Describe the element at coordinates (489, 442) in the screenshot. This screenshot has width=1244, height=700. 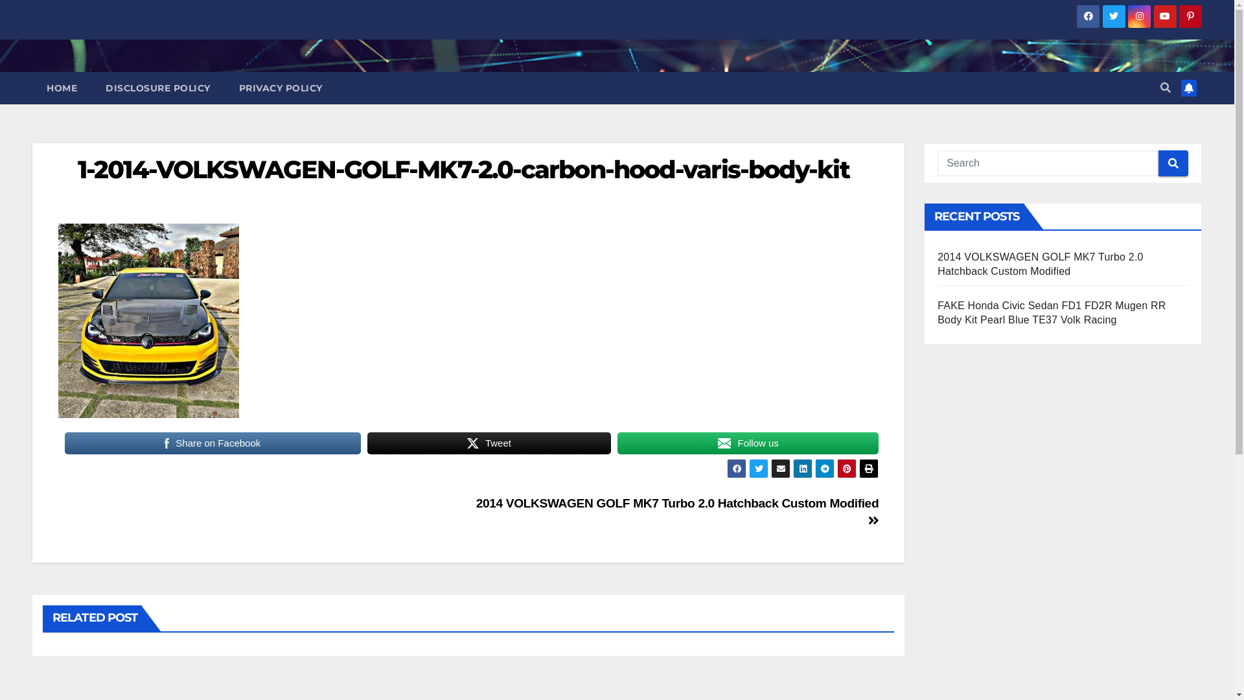
I see `'Tweet'` at that location.